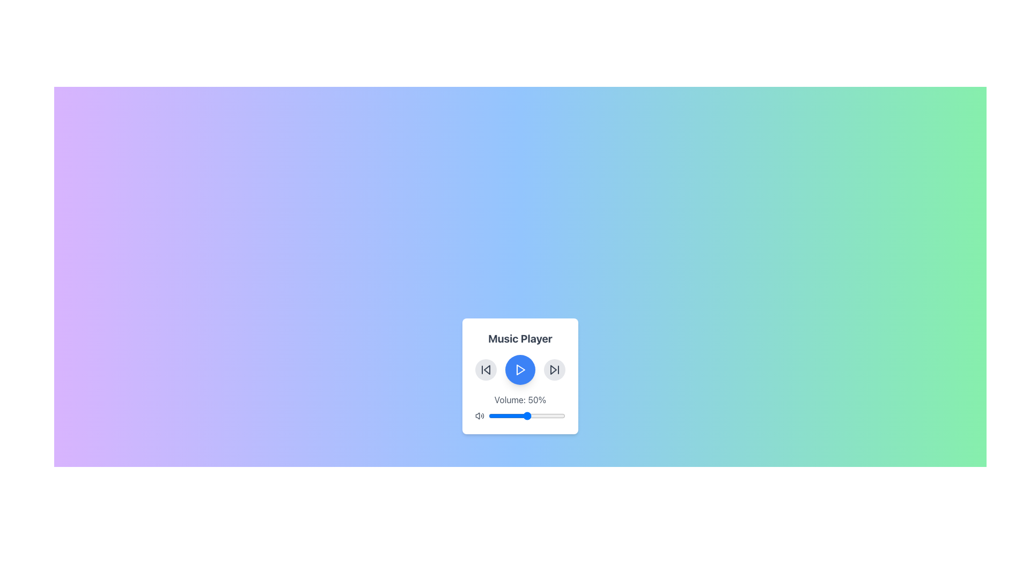  I want to click on the triangular play icon button with a gradient blue background in the center of the Music Player interface, so click(520, 369).